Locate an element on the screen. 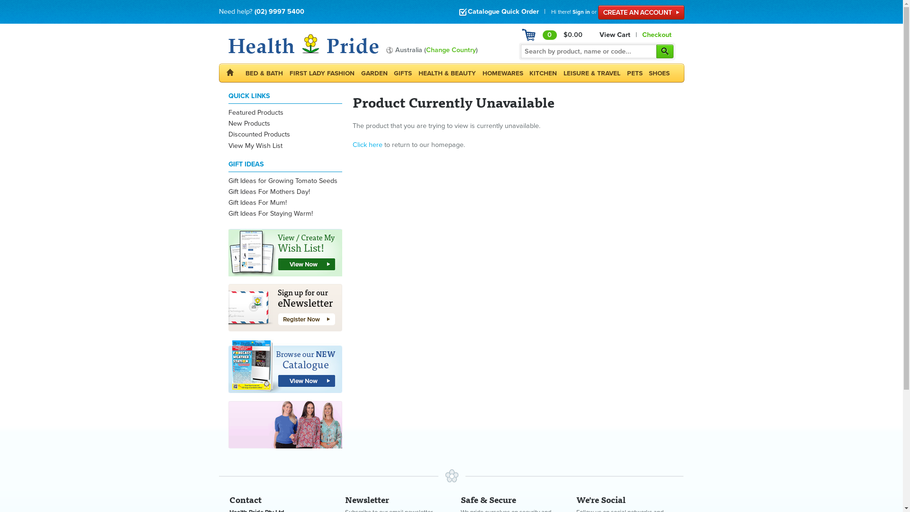 This screenshot has height=512, width=910. 'Gift Ideas For Mothers Day!' is located at coordinates (268, 192).